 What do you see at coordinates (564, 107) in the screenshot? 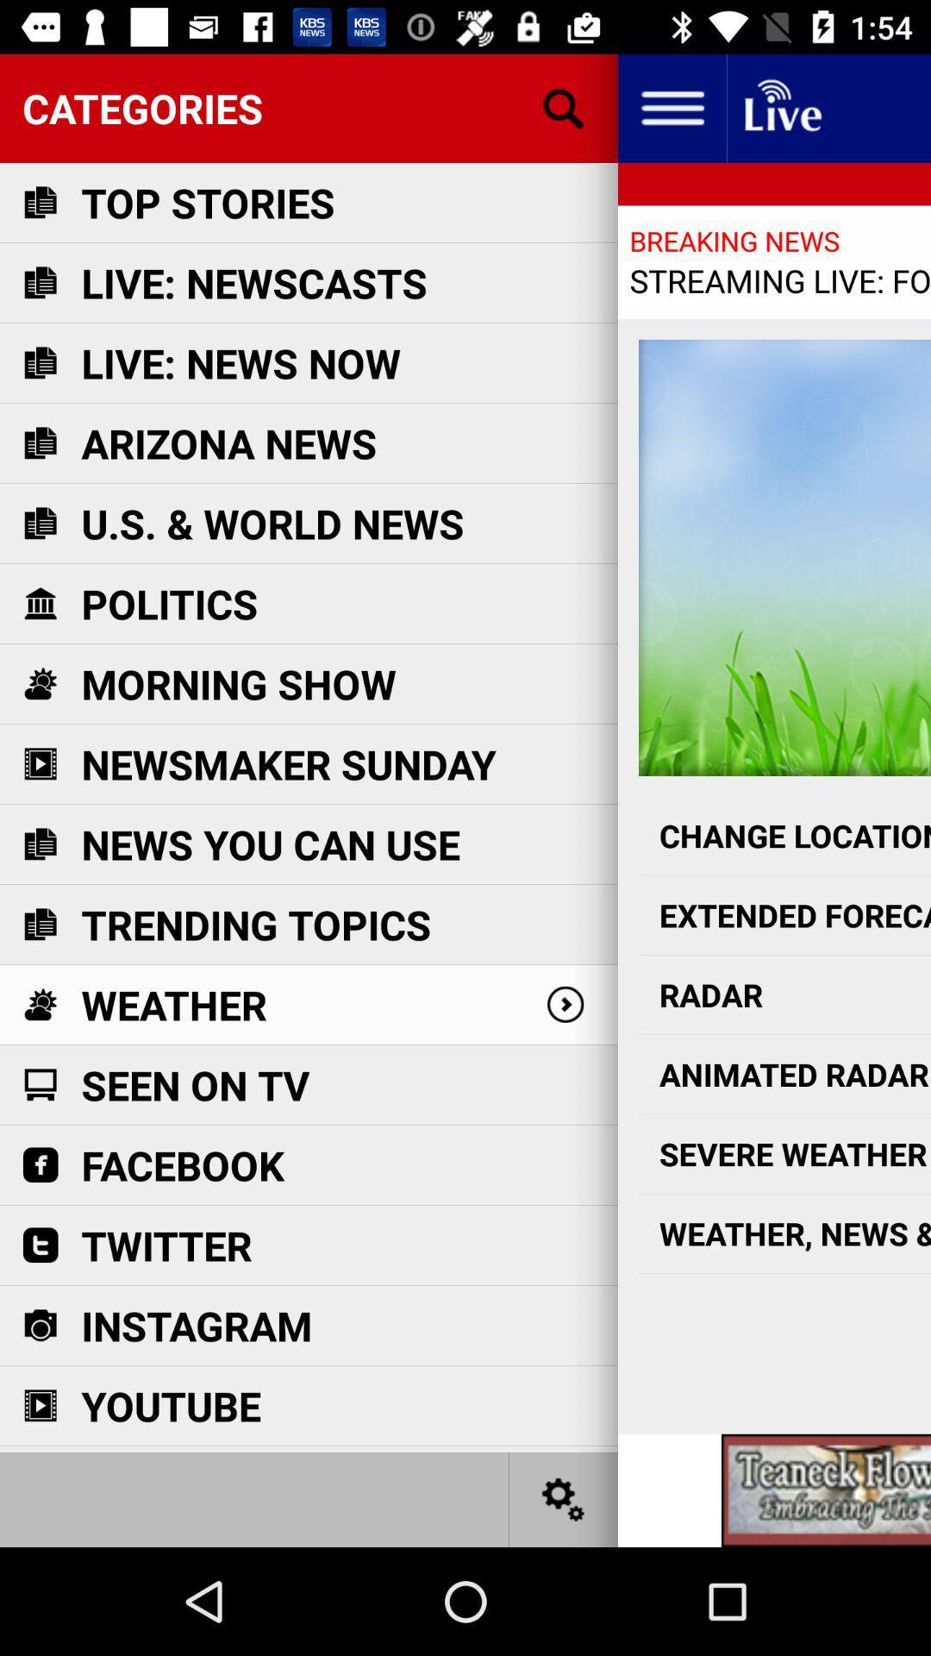
I see `the search icon` at bounding box center [564, 107].